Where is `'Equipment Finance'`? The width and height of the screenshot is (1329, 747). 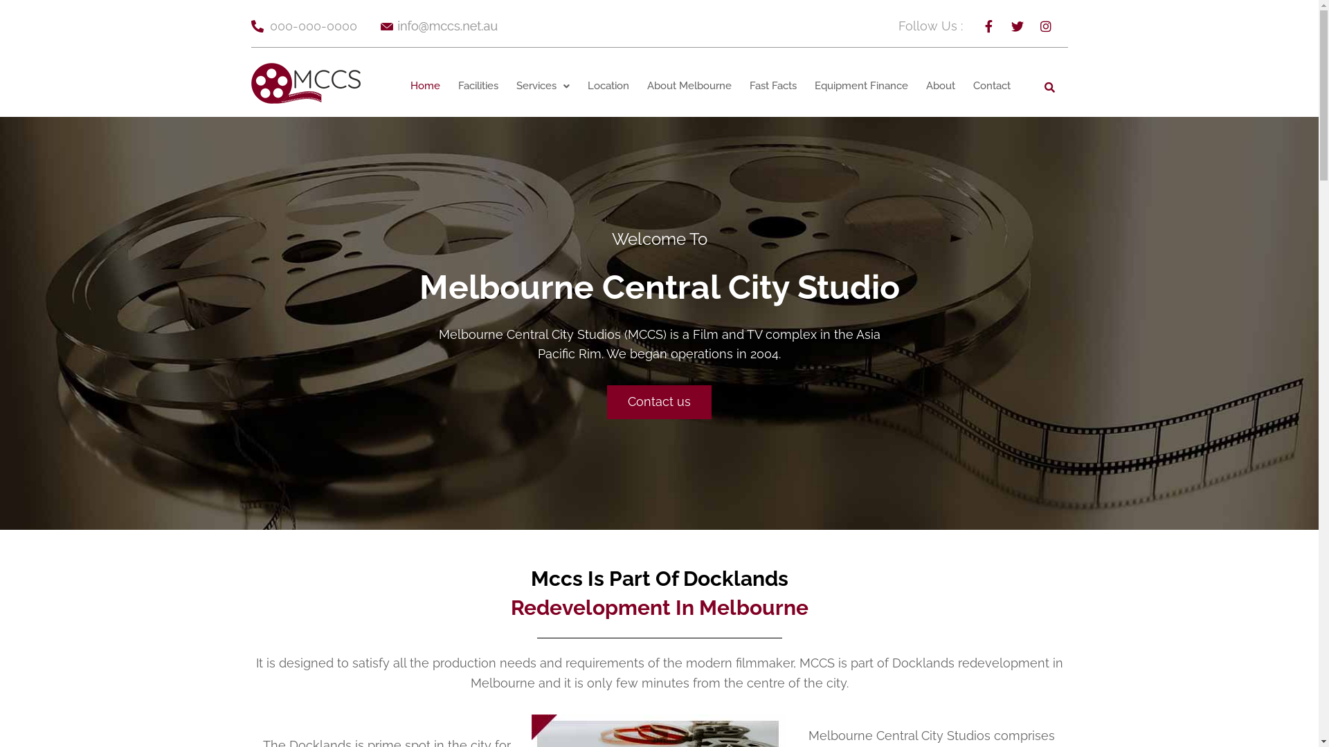 'Equipment Finance' is located at coordinates (860, 86).